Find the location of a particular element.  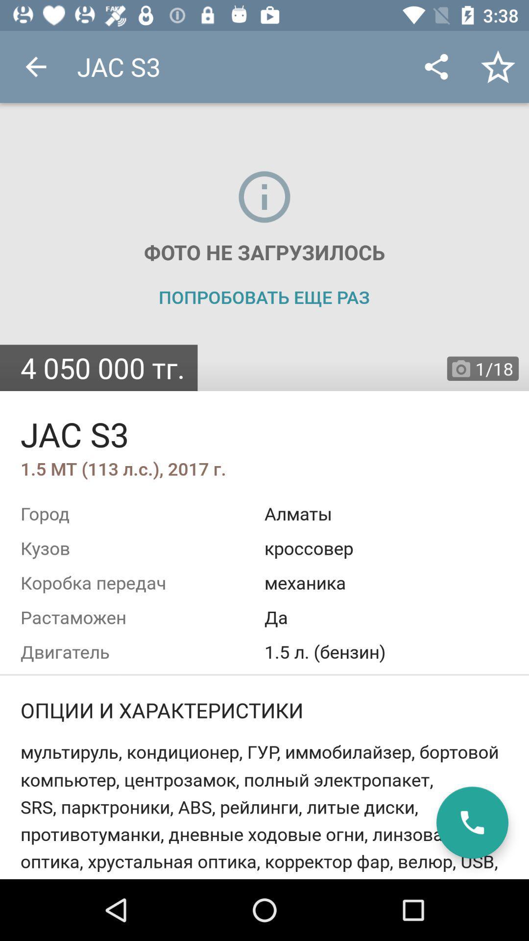

the call icon is located at coordinates (472, 822).